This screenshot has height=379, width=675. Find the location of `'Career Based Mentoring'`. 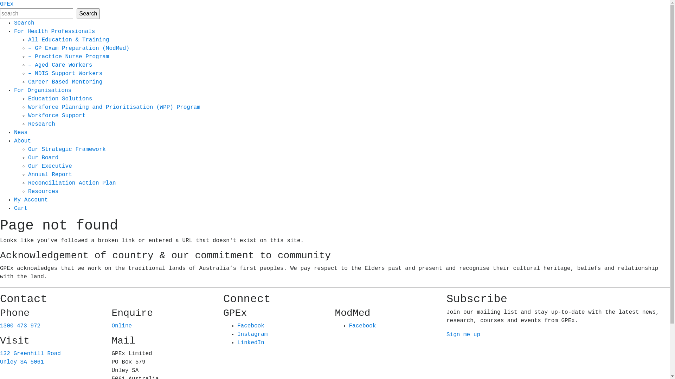

'Career Based Mentoring' is located at coordinates (65, 82).